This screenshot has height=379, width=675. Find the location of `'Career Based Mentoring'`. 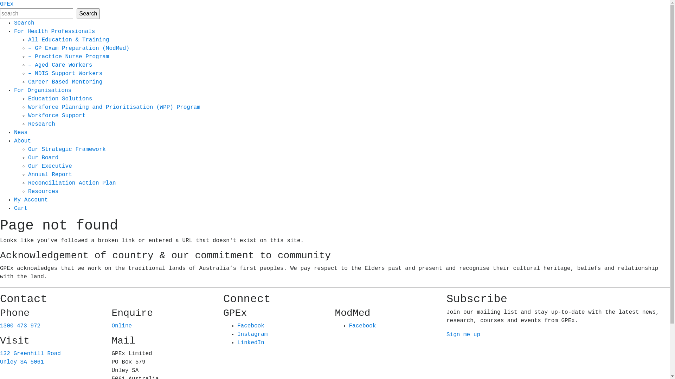

'Career Based Mentoring' is located at coordinates (65, 82).